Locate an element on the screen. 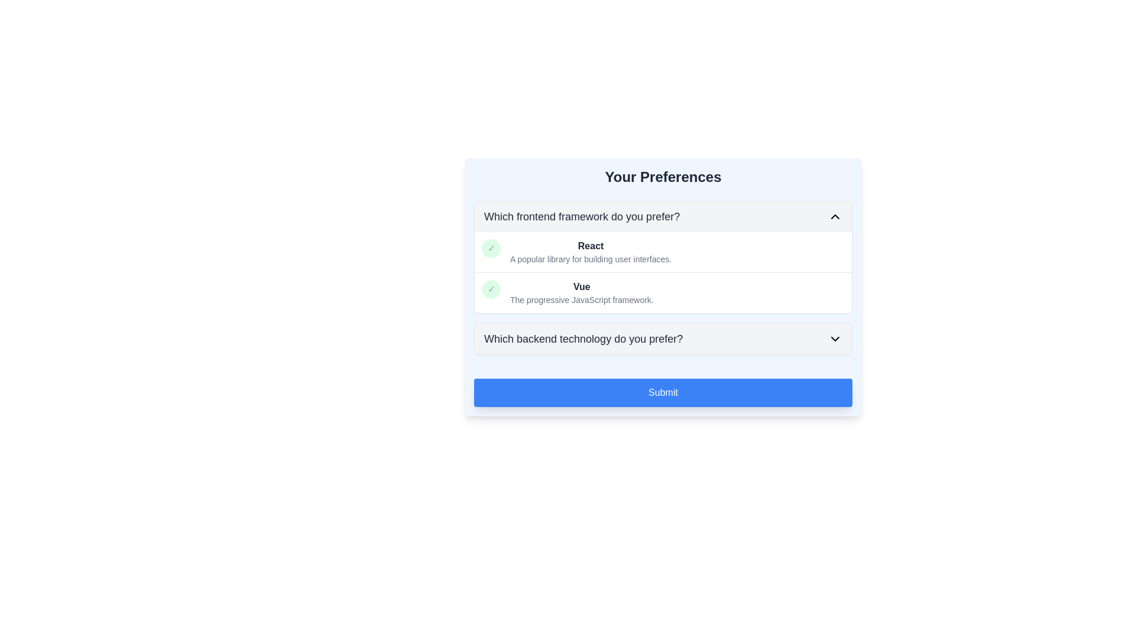  the rounded icon with a light green background and a checkmark symbol ('✓'), located in the top-left corner of the 'Vue' selection row, aligned with the description 'The progressive JavaScript framework.' is located at coordinates (491, 289).